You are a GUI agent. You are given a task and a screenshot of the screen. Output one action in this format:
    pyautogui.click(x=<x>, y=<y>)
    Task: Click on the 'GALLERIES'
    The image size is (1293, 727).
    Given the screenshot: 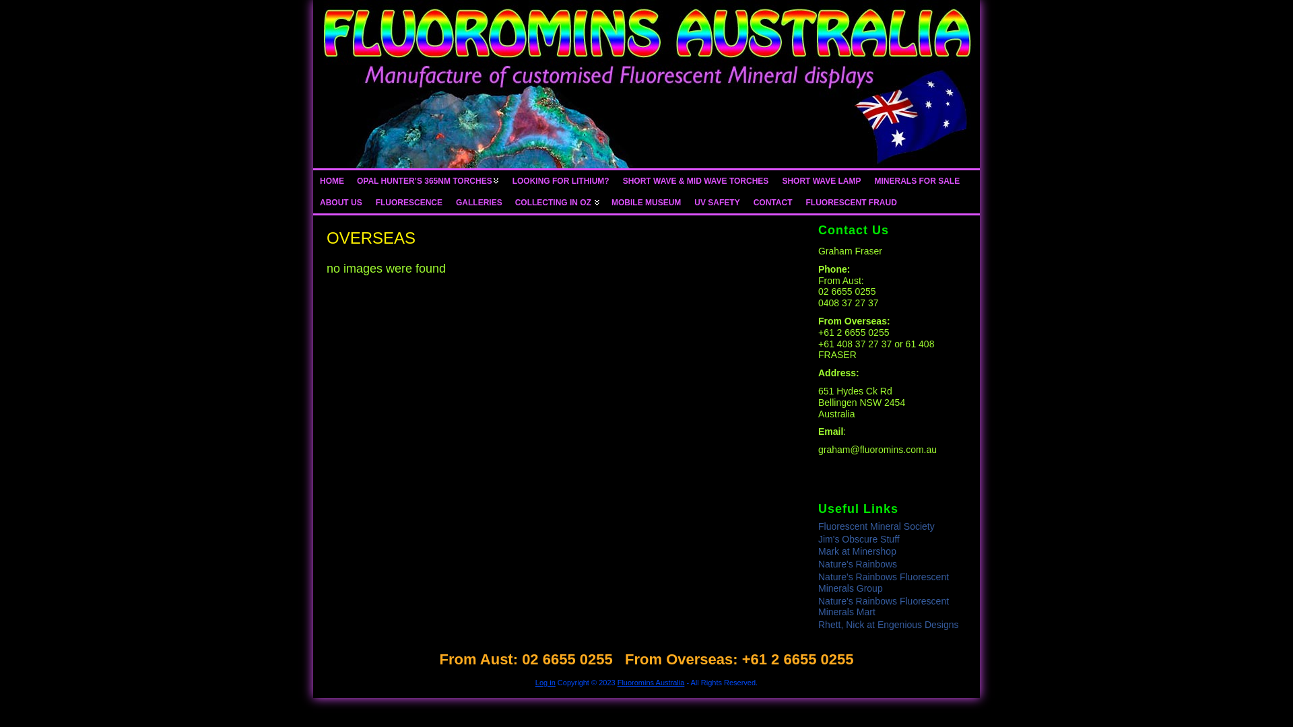 What is the action you would take?
    pyautogui.click(x=479, y=202)
    